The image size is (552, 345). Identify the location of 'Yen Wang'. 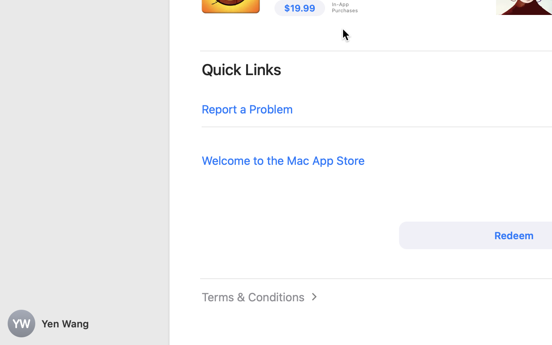
(84, 324).